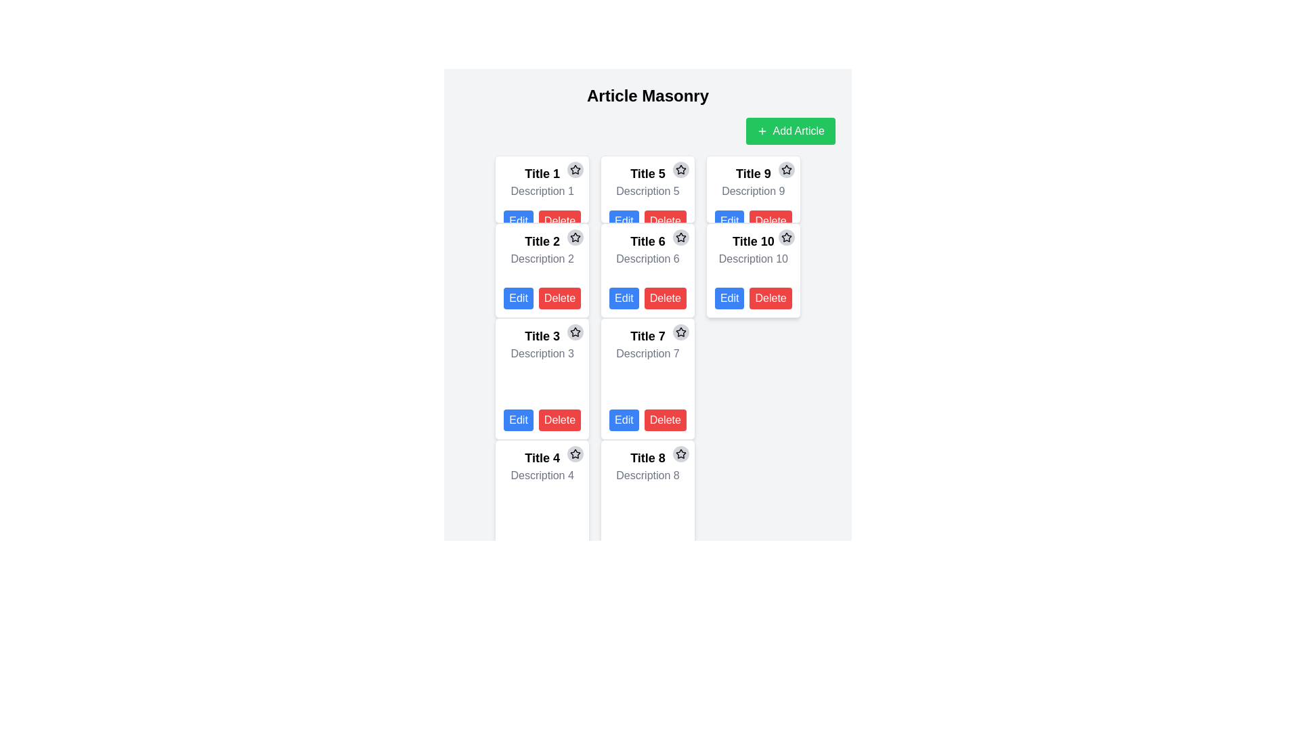  What do you see at coordinates (680, 169) in the screenshot?
I see `the favorite button located in the top-right corner of the card titled 'Title 5'` at bounding box center [680, 169].